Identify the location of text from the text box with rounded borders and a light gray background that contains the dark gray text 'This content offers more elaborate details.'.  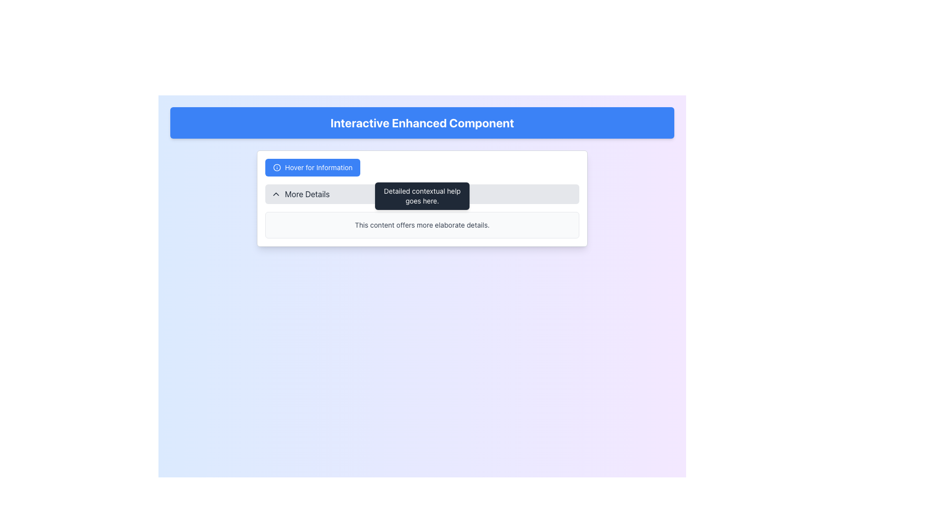
(422, 225).